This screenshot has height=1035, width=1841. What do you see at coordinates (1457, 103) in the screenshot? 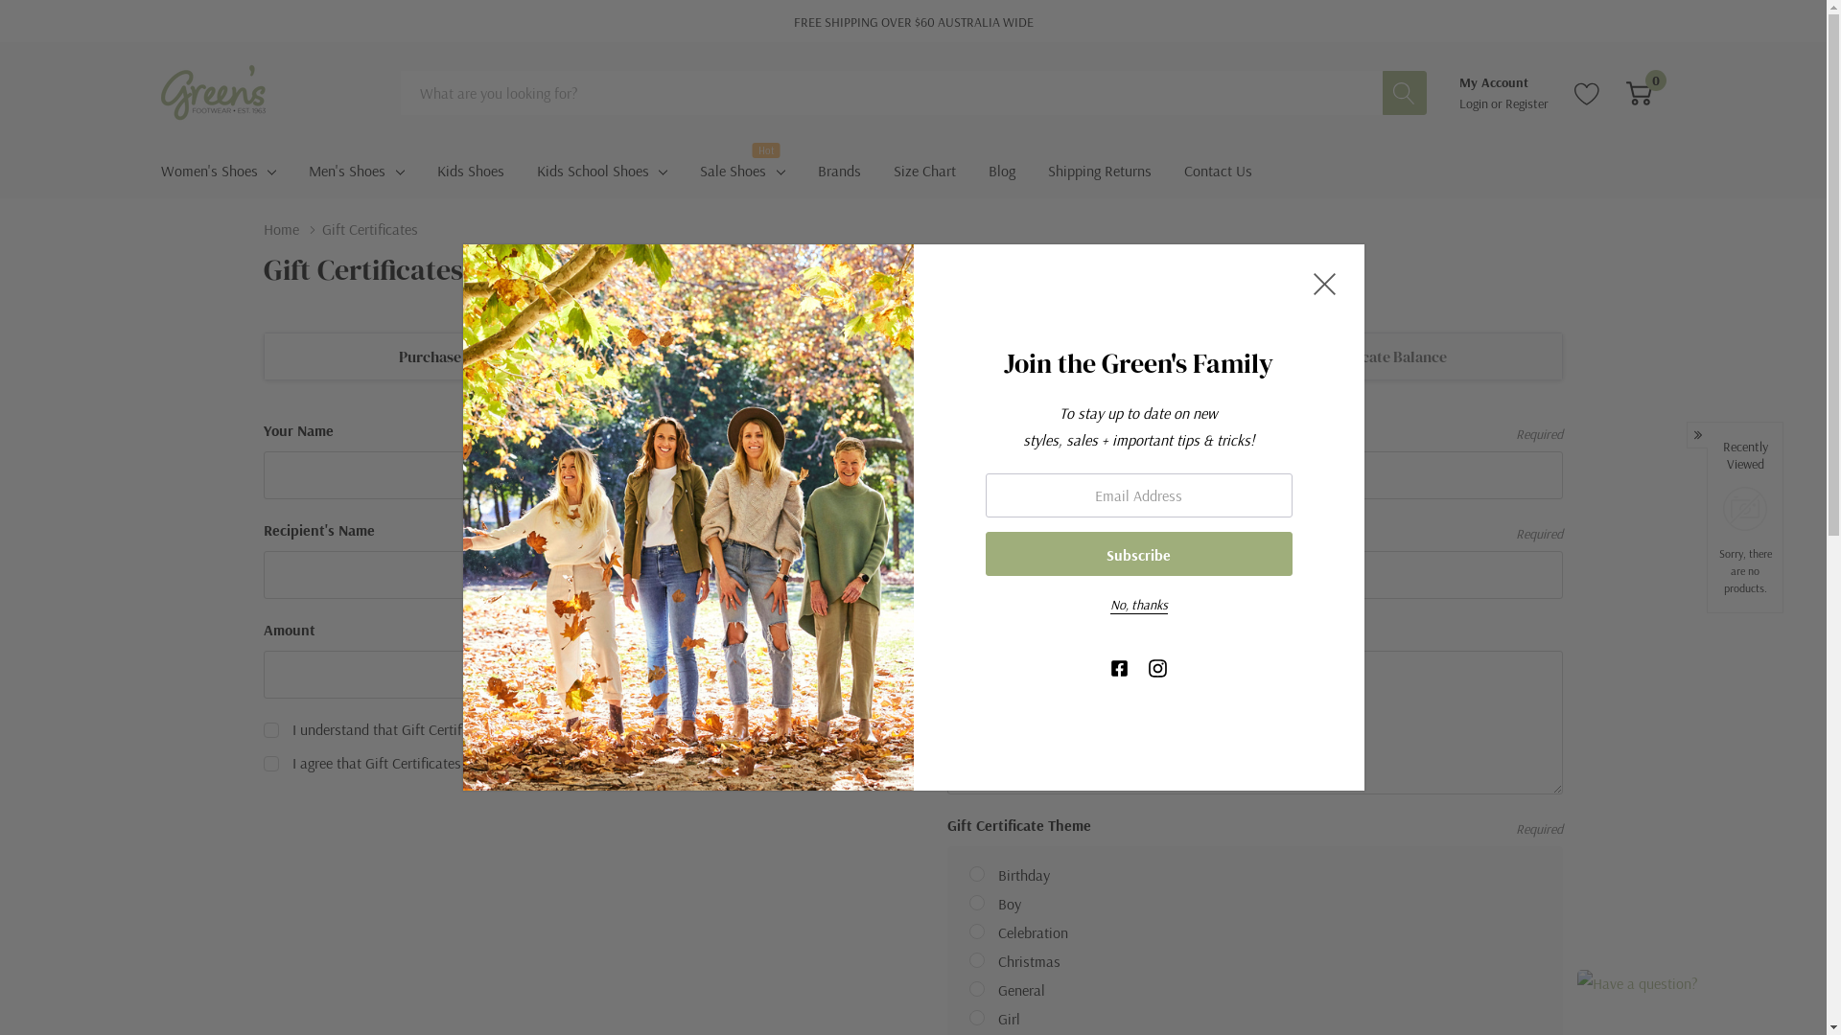
I see `'Login'` at bounding box center [1457, 103].